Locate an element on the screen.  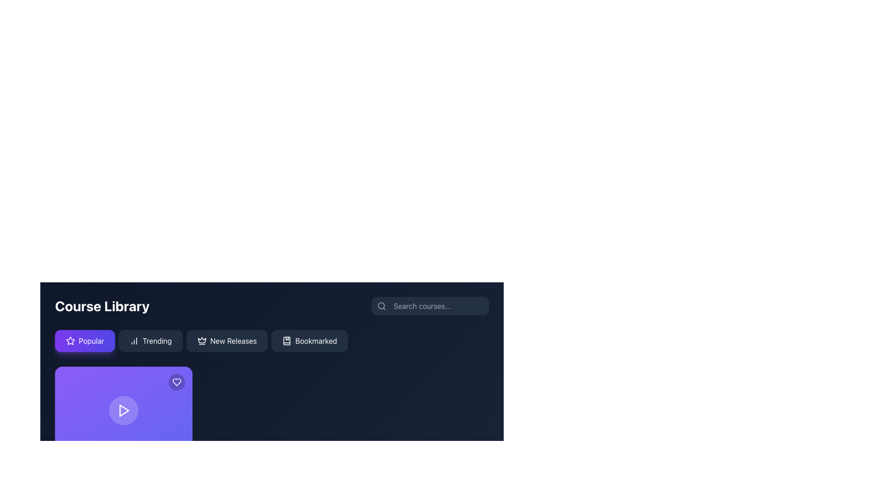
the star-shaped icon with a purple fill and white outline located in the top-left corner of the main content area is located at coordinates (70, 341).